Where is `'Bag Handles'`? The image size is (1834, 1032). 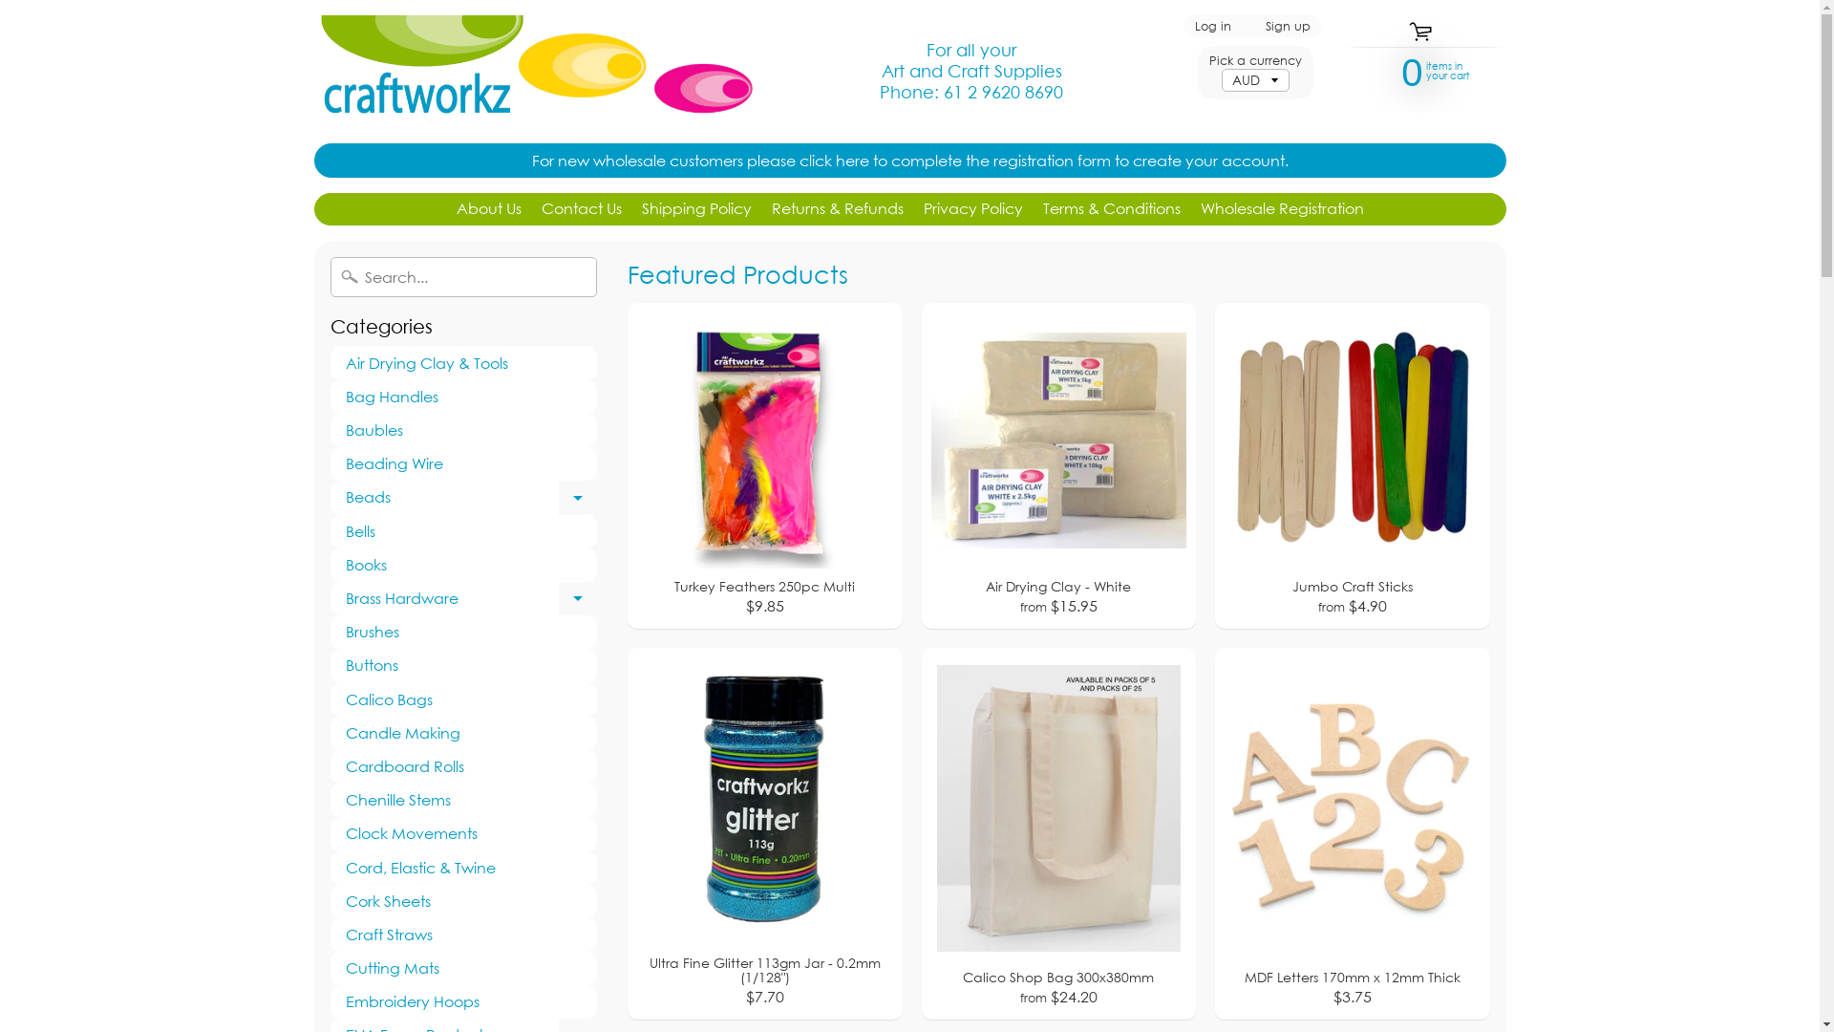
'Bag Handles' is located at coordinates (463, 396).